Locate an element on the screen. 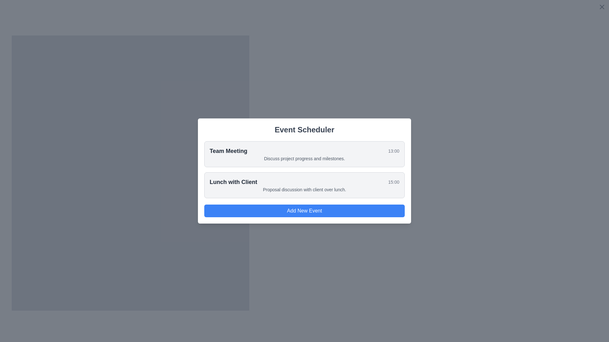 Image resolution: width=609 pixels, height=342 pixels. the Text label that reads 'Discuss project progress and milestones.', which is located beneath the title 'Team Meeting' in the scheduler interface is located at coordinates (304, 158).